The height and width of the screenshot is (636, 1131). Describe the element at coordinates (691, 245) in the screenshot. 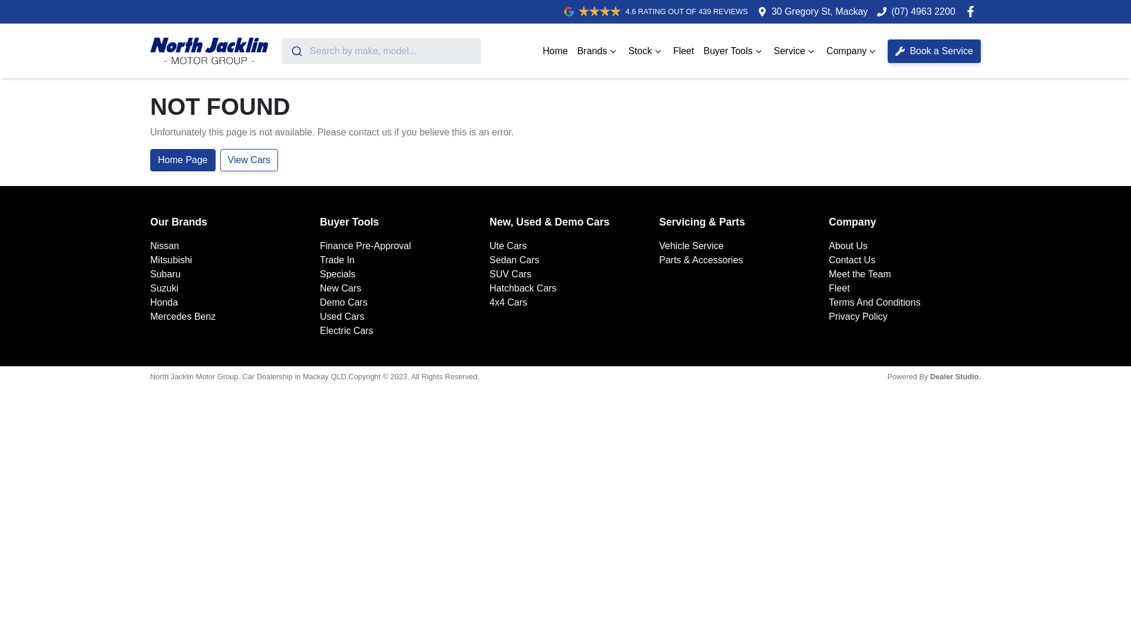

I see `'Vehicle Service'` at that location.